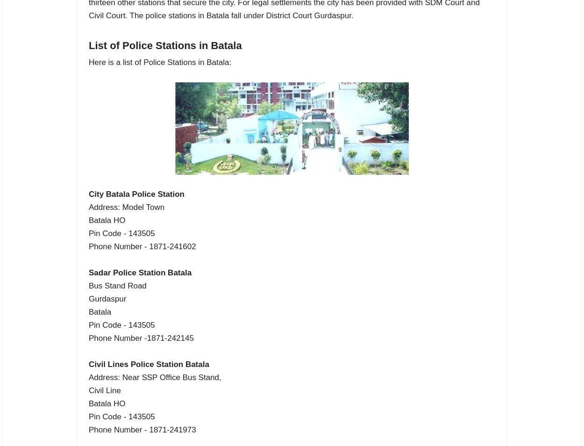  Describe the element at coordinates (142, 429) in the screenshot. I see `'Phone Number - 1871-241973'` at that location.